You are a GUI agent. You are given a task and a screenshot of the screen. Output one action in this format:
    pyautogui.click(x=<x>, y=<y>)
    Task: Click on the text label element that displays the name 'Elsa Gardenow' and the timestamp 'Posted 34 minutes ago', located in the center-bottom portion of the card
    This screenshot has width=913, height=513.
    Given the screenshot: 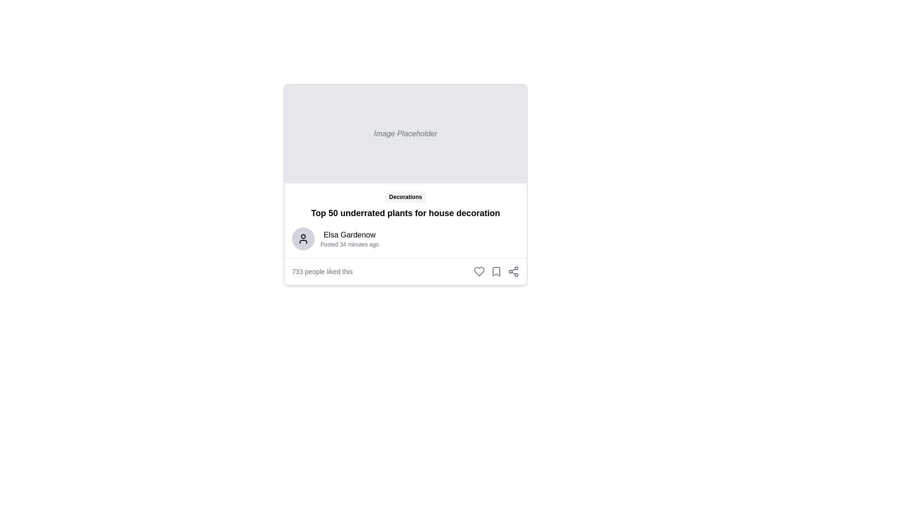 What is the action you would take?
    pyautogui.click(x=349, y=238)
    